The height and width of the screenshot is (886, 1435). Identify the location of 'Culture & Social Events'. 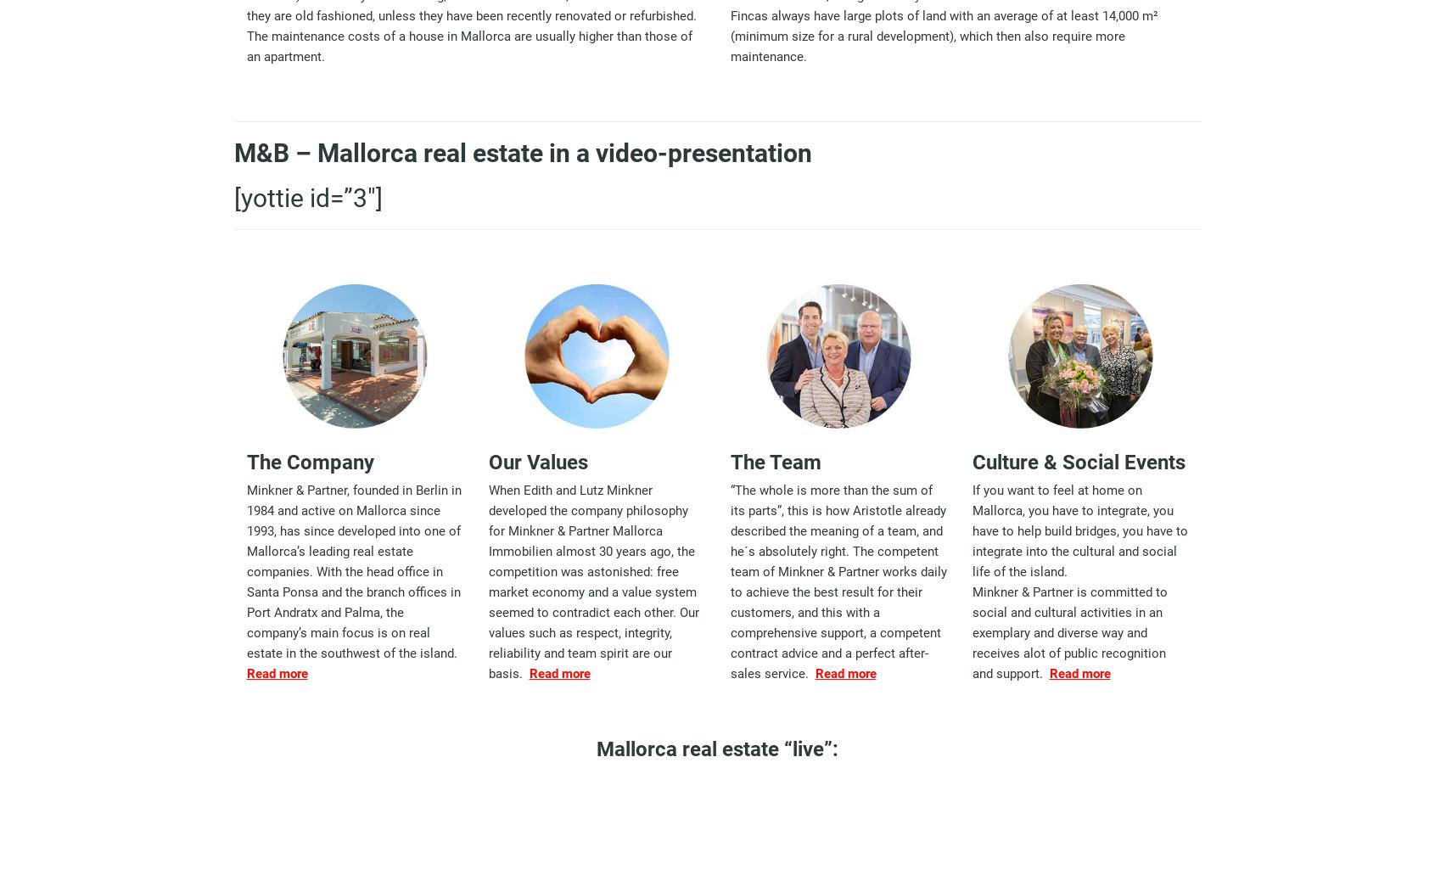
(970, 461).